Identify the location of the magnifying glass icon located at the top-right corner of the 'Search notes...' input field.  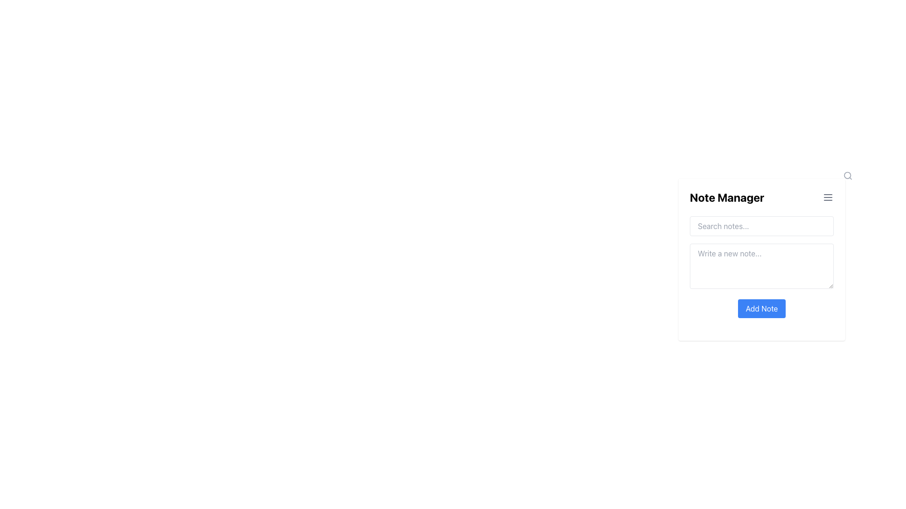
(847, 176).